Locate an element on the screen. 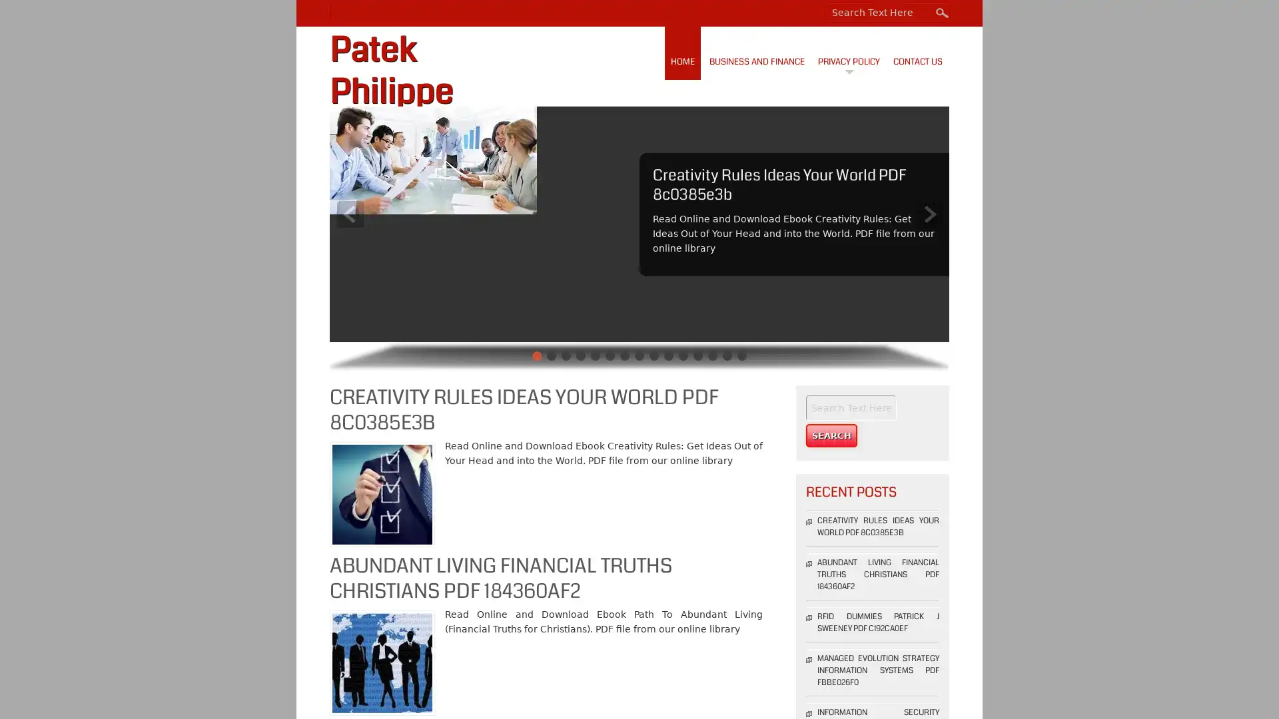 The height and width of the screenshot is (719, 1279). Search is located at coordinates (831, 435).